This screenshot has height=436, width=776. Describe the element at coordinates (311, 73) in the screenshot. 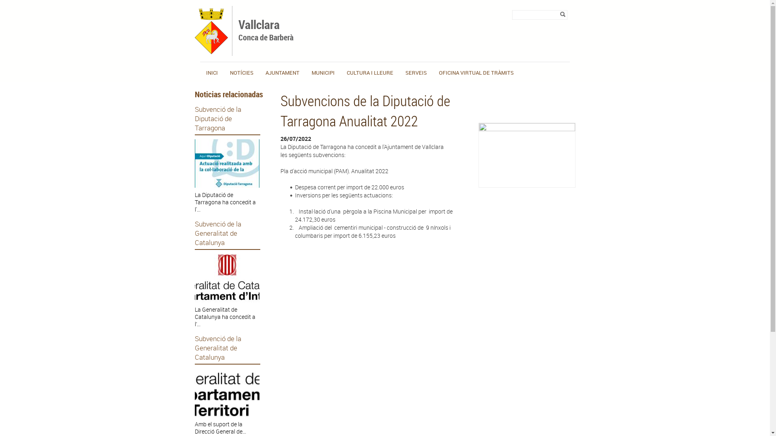

I see `'MUNICIPI'` at that location.